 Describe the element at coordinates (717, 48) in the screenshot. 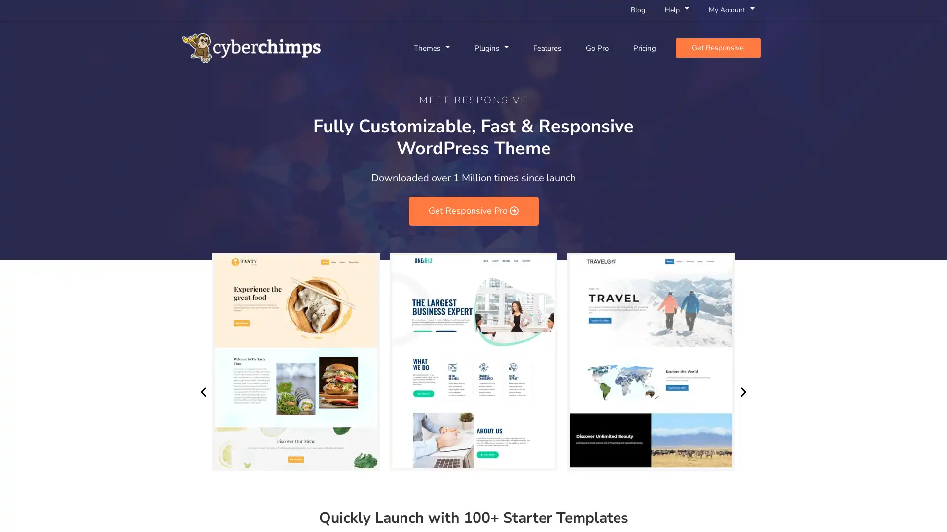

I see `Get Responsive` at that location.